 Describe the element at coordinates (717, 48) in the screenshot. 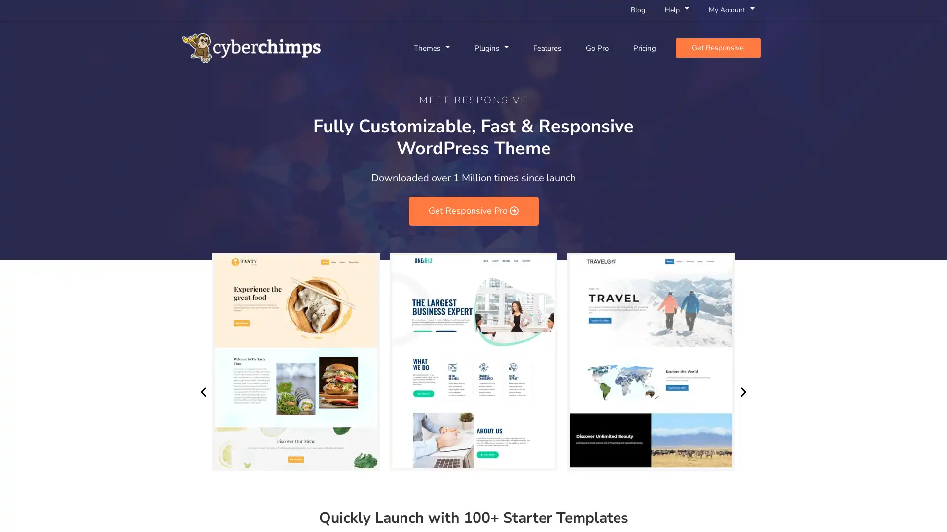

I see `Get Responsive` at that location.